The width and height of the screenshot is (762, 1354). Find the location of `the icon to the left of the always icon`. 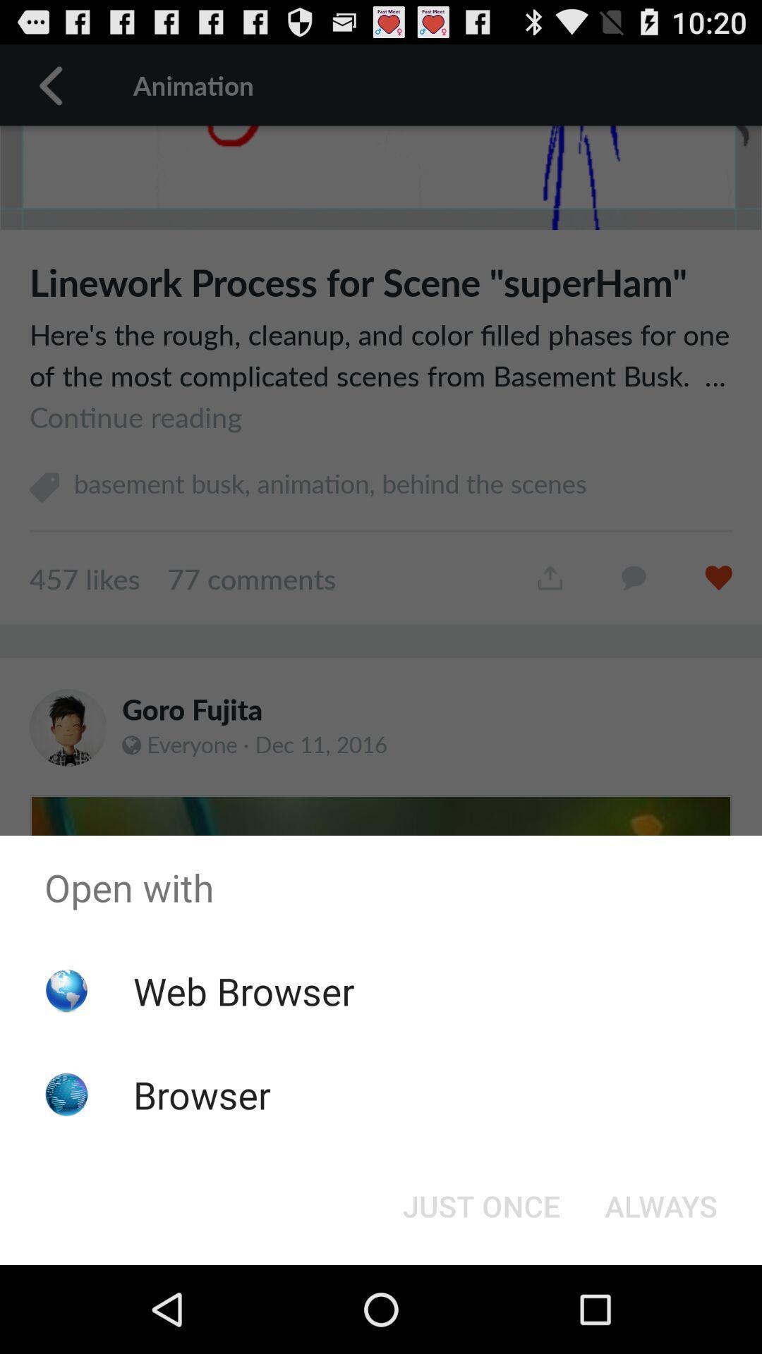

the icon to the left of the always icon is located at coordinates (480, 1204).